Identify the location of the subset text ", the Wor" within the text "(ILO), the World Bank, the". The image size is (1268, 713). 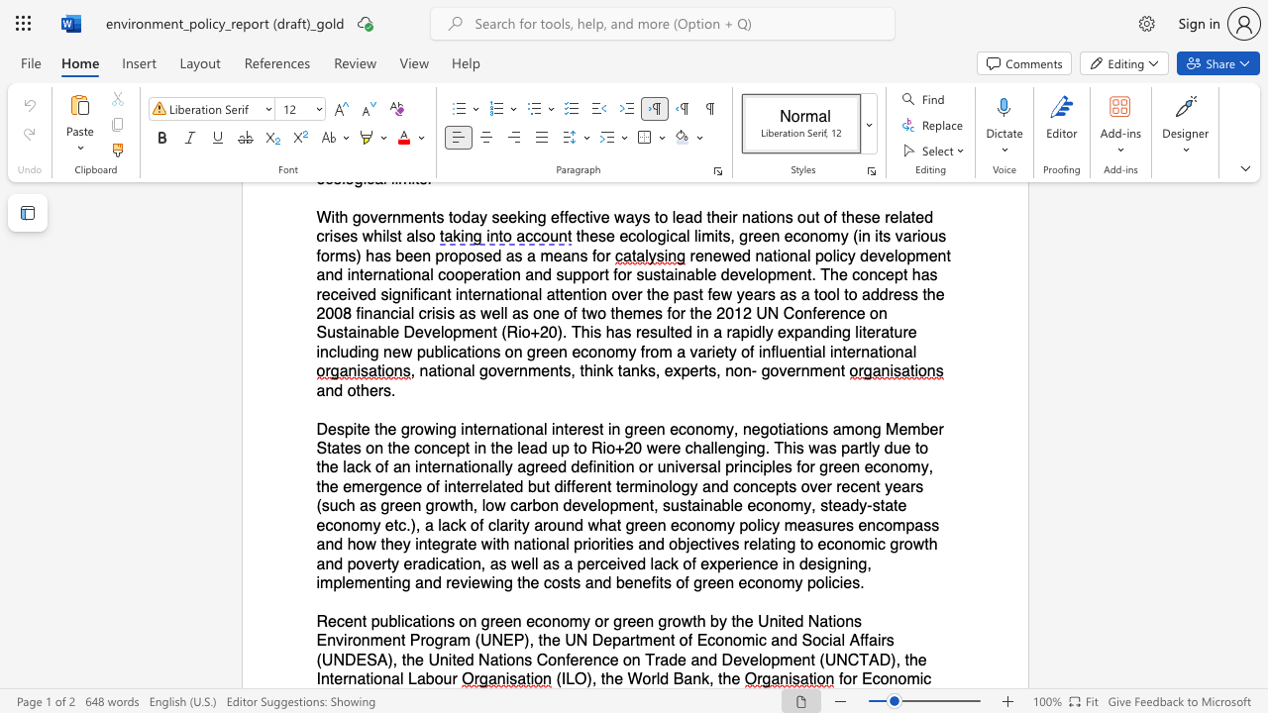
(590, 678).